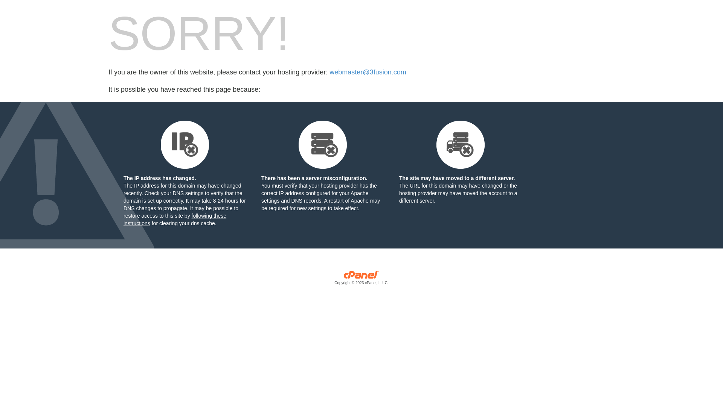 Image resolution: width=723 pixels, height=406 pixels. I want to click on 'webmaster@3fusion.com', so click(368, 72).